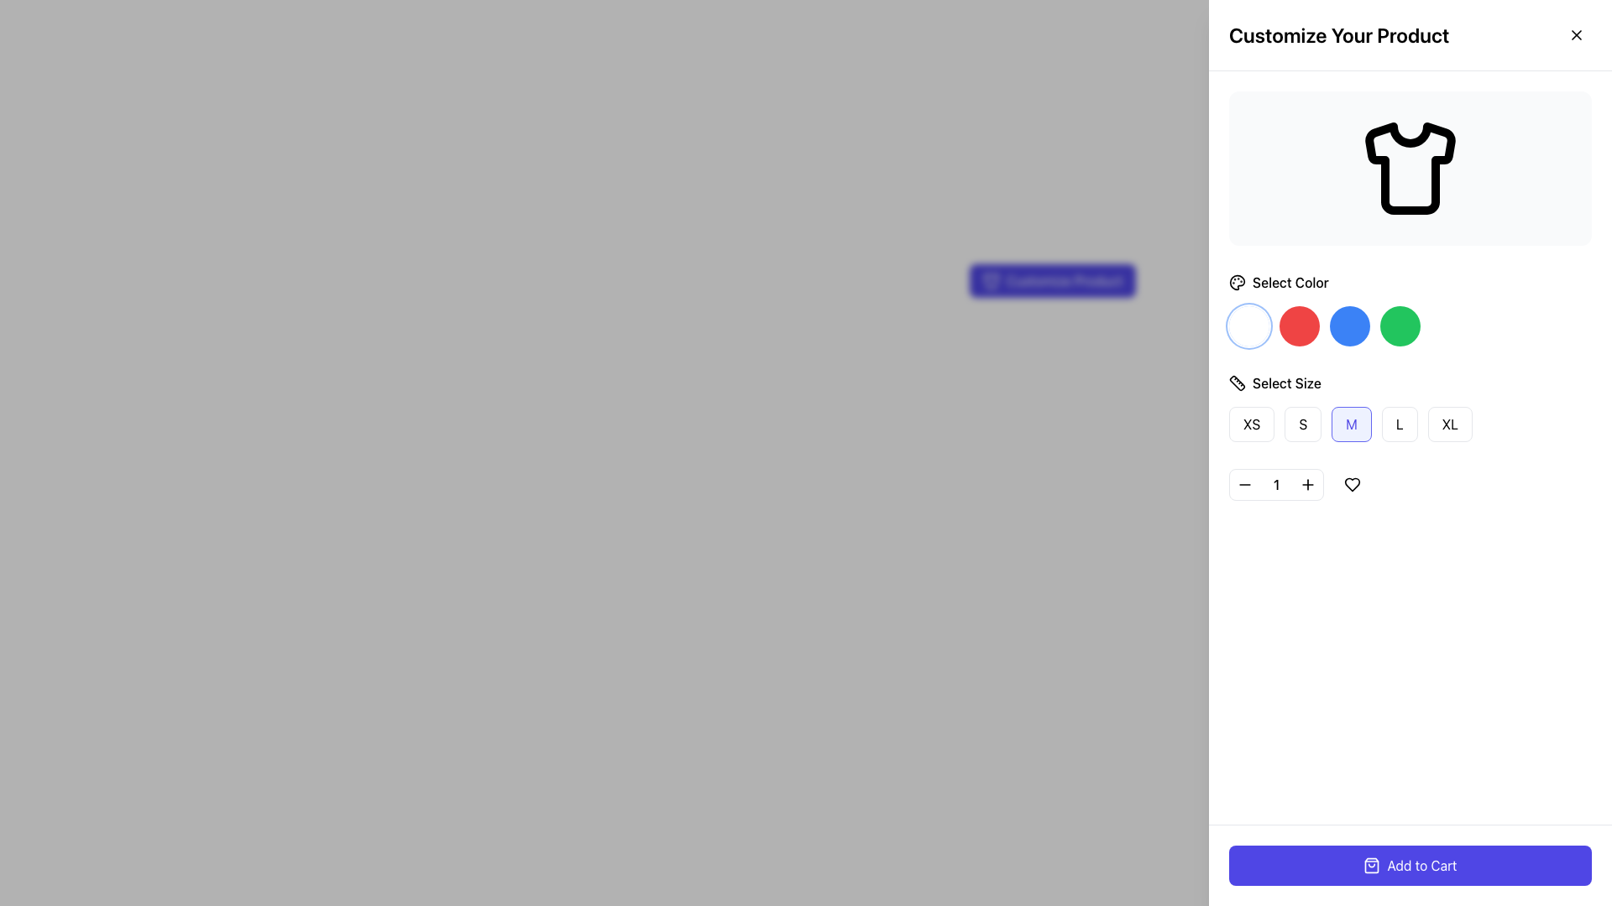  Describe the element at coordinates (1245, 485) in the screenshot. I see `the horizontal minus icon within the decrement button located to the left of the quantity display in the product customization panel` at that location.